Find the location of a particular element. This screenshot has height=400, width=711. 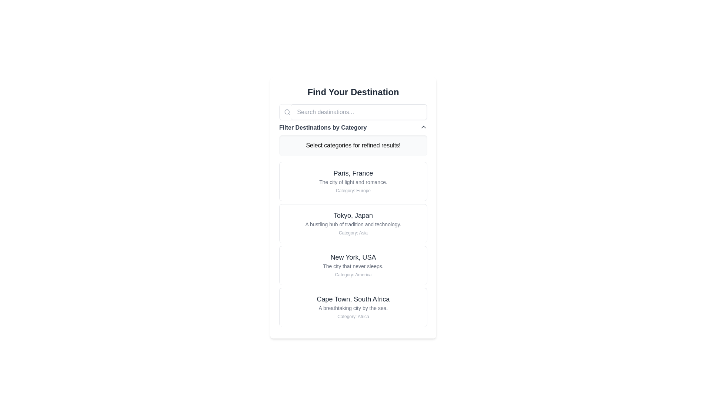

the Text Label displaying 'The city that never sleeps.' which is styled in a small gray font and located within the 'New York, USA' card is located at coordinates (353, 266).